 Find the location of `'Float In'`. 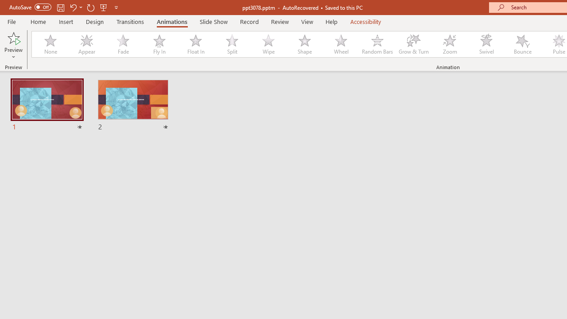

'Float In' is located at coordinates (195, 44).